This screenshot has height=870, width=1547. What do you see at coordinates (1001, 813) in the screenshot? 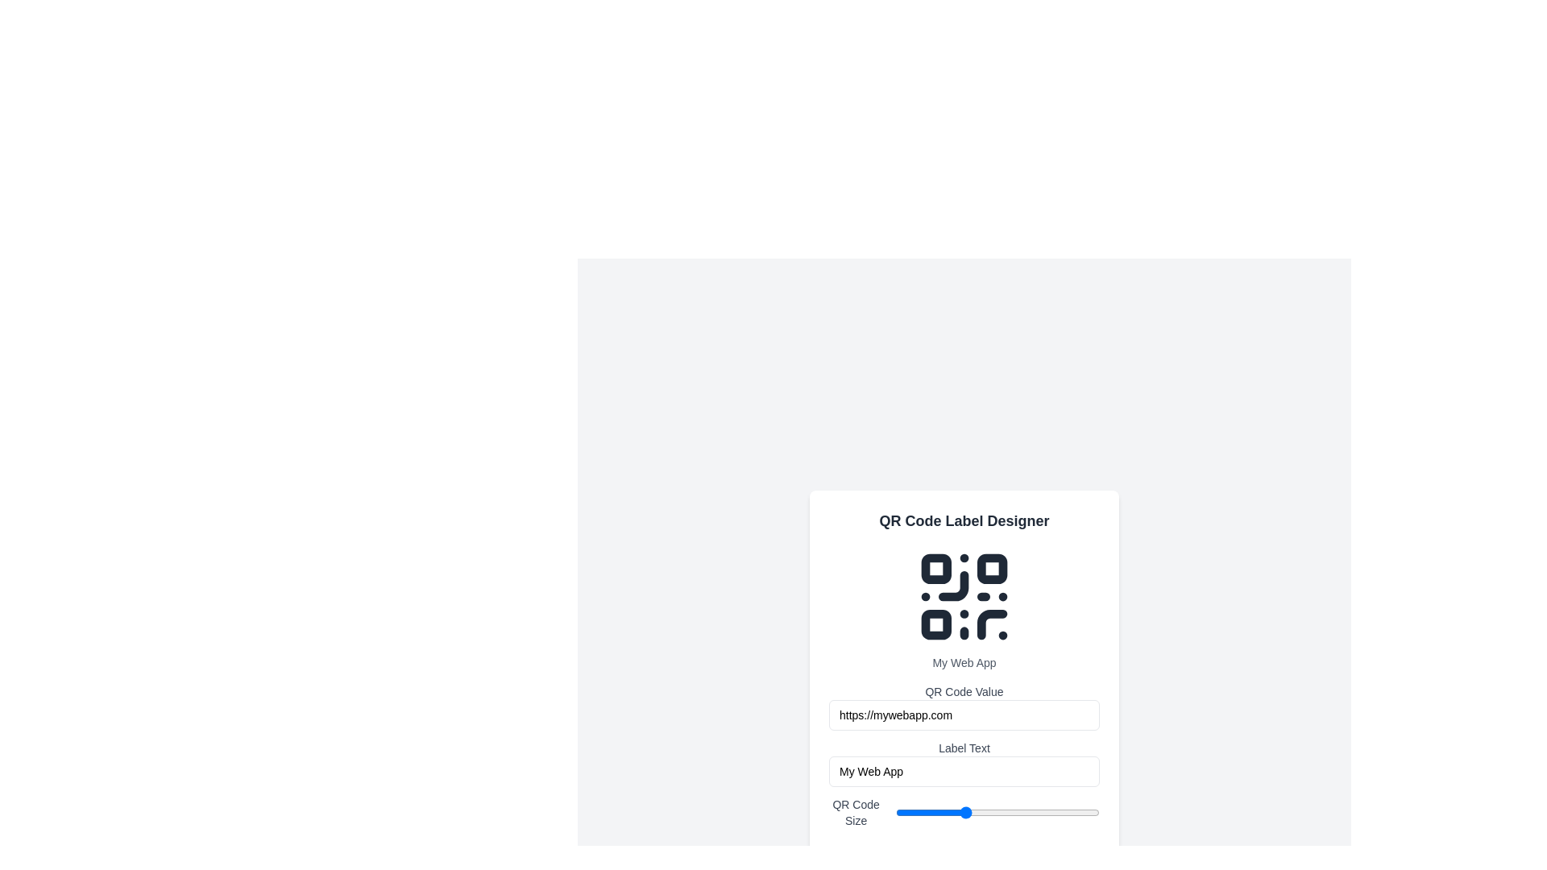
I see `the QR code size` at bounding box center [1001, 813].